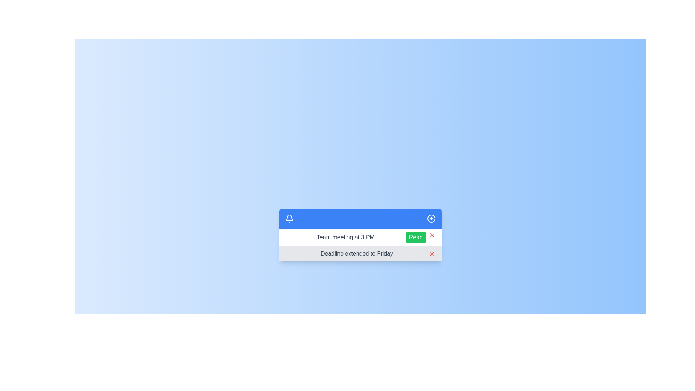 Image resolution: width=695 pixels, height=391 pixels. What do you see at coordinates (431, 218) in the screenshot?
I see `the circular plus icon located on the far right side of the blue header section` at bounding box center [431, 218].